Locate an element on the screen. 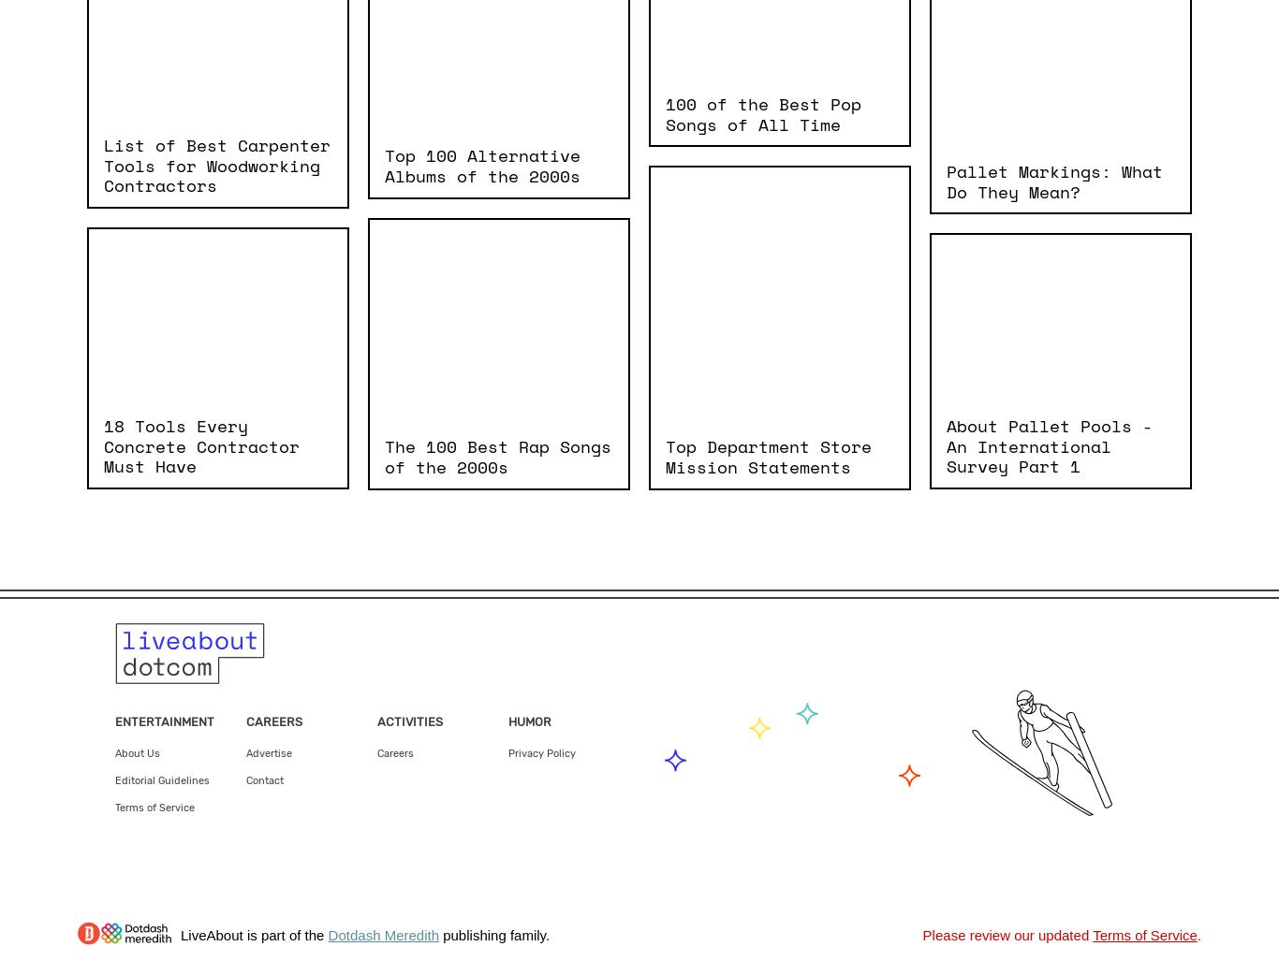 Image resolution: width=1279 pixels, height=961 pixels. 'Top Department Store Mission Statements' is located at coordinates (767, 456).